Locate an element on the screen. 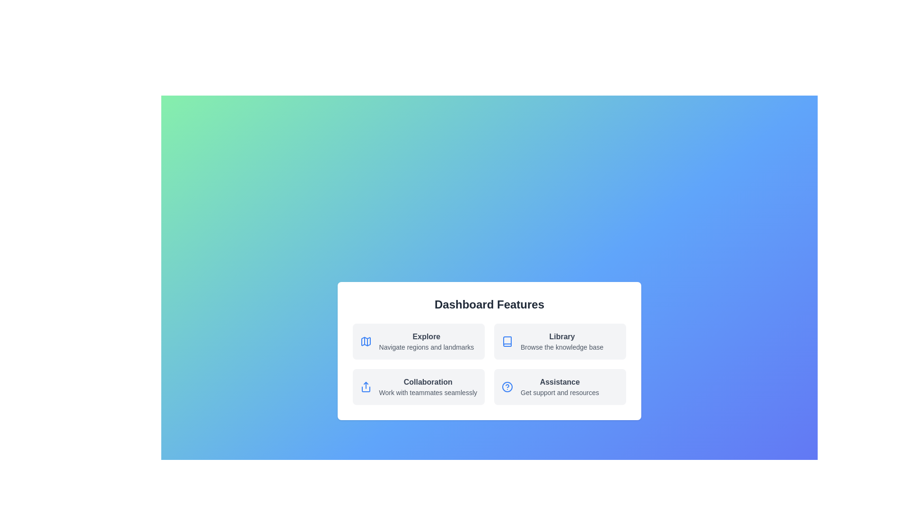  the tile labeled 'Explore' to observe its hover effect is located at coordinates (418, 341).